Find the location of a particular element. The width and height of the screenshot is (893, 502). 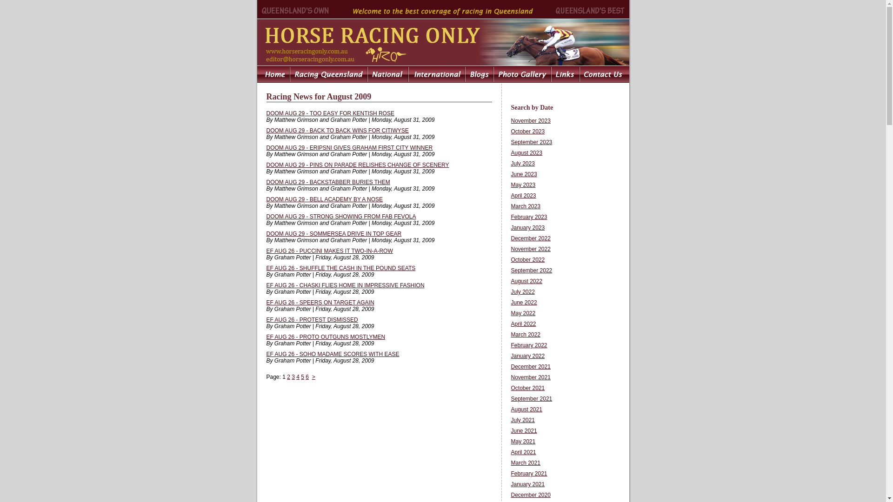

'EF AUG 26 - SOHO MADAME SCORES WITH EASE' is located at coordinates (333, 354).